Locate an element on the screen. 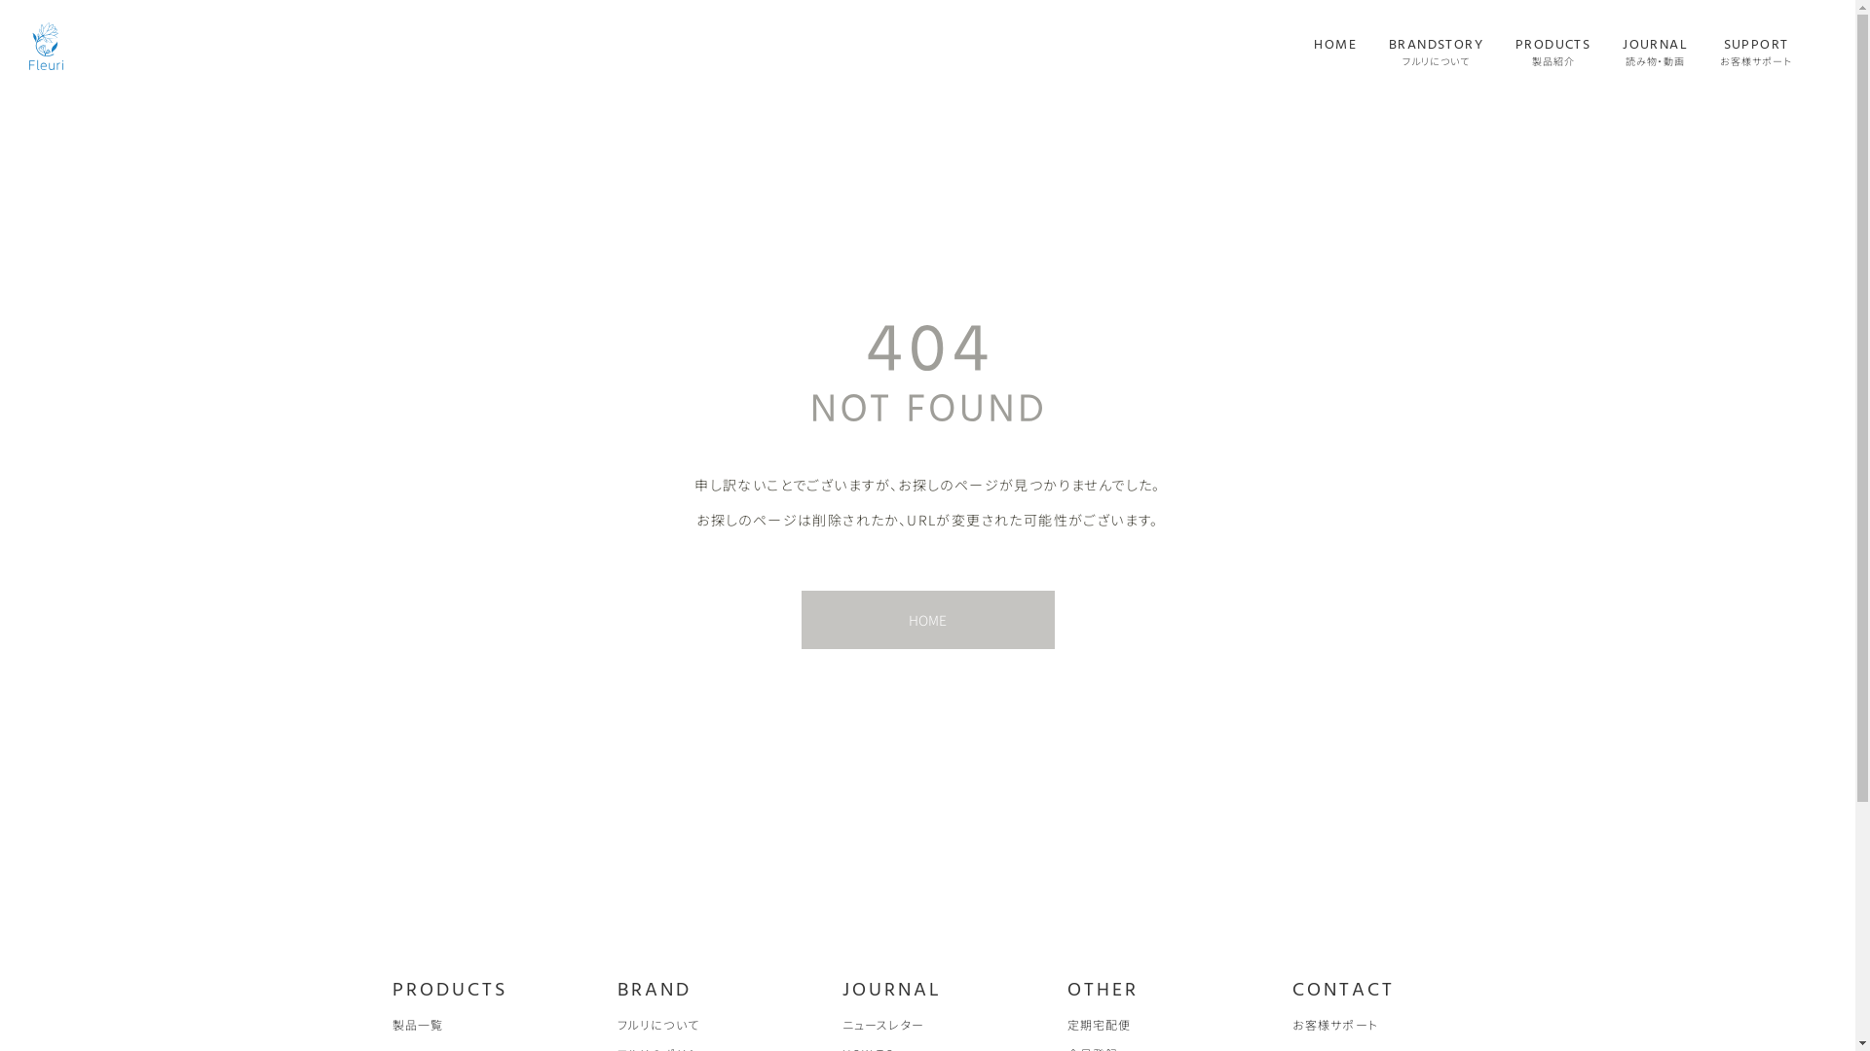 This screenshot has height=1051, width=1870. 'HOME' is located at coordinates (800, 619).